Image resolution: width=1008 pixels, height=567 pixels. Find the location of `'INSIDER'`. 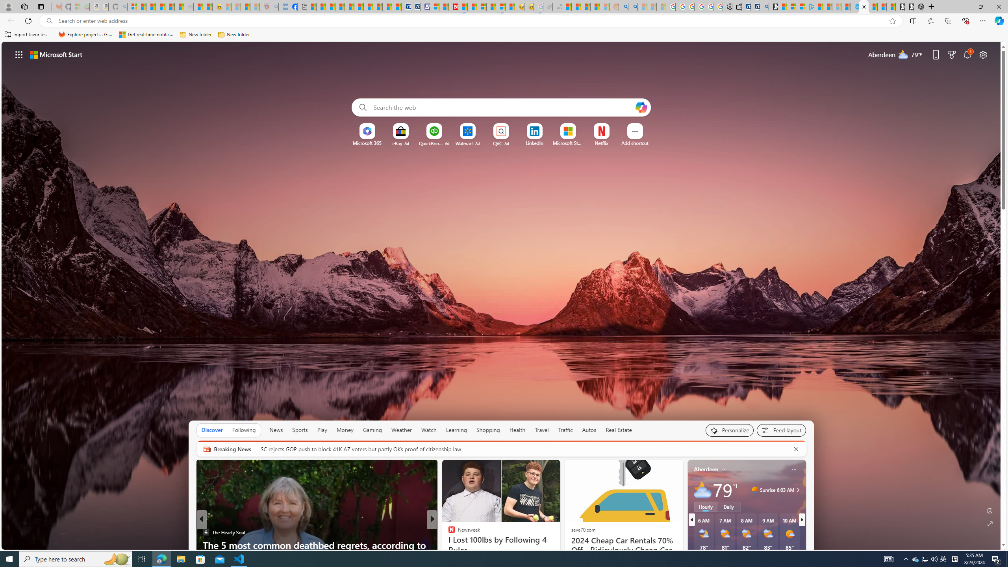

'INSIDER' is located at coordinates (448, 532).